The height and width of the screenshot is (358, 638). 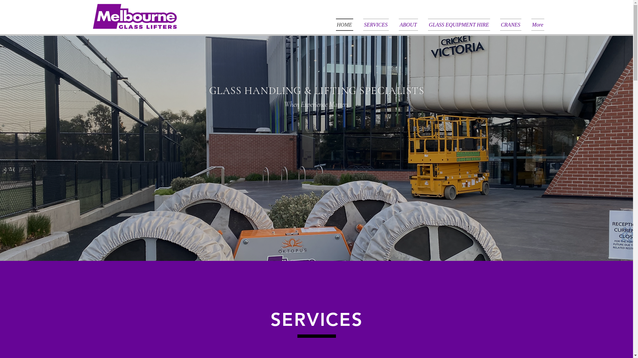 What do you see at coordinates (422, 24) in the screenshot?
I see `'GLASS EQUIPMENT HIRE'` at bounding box center [422, 24].